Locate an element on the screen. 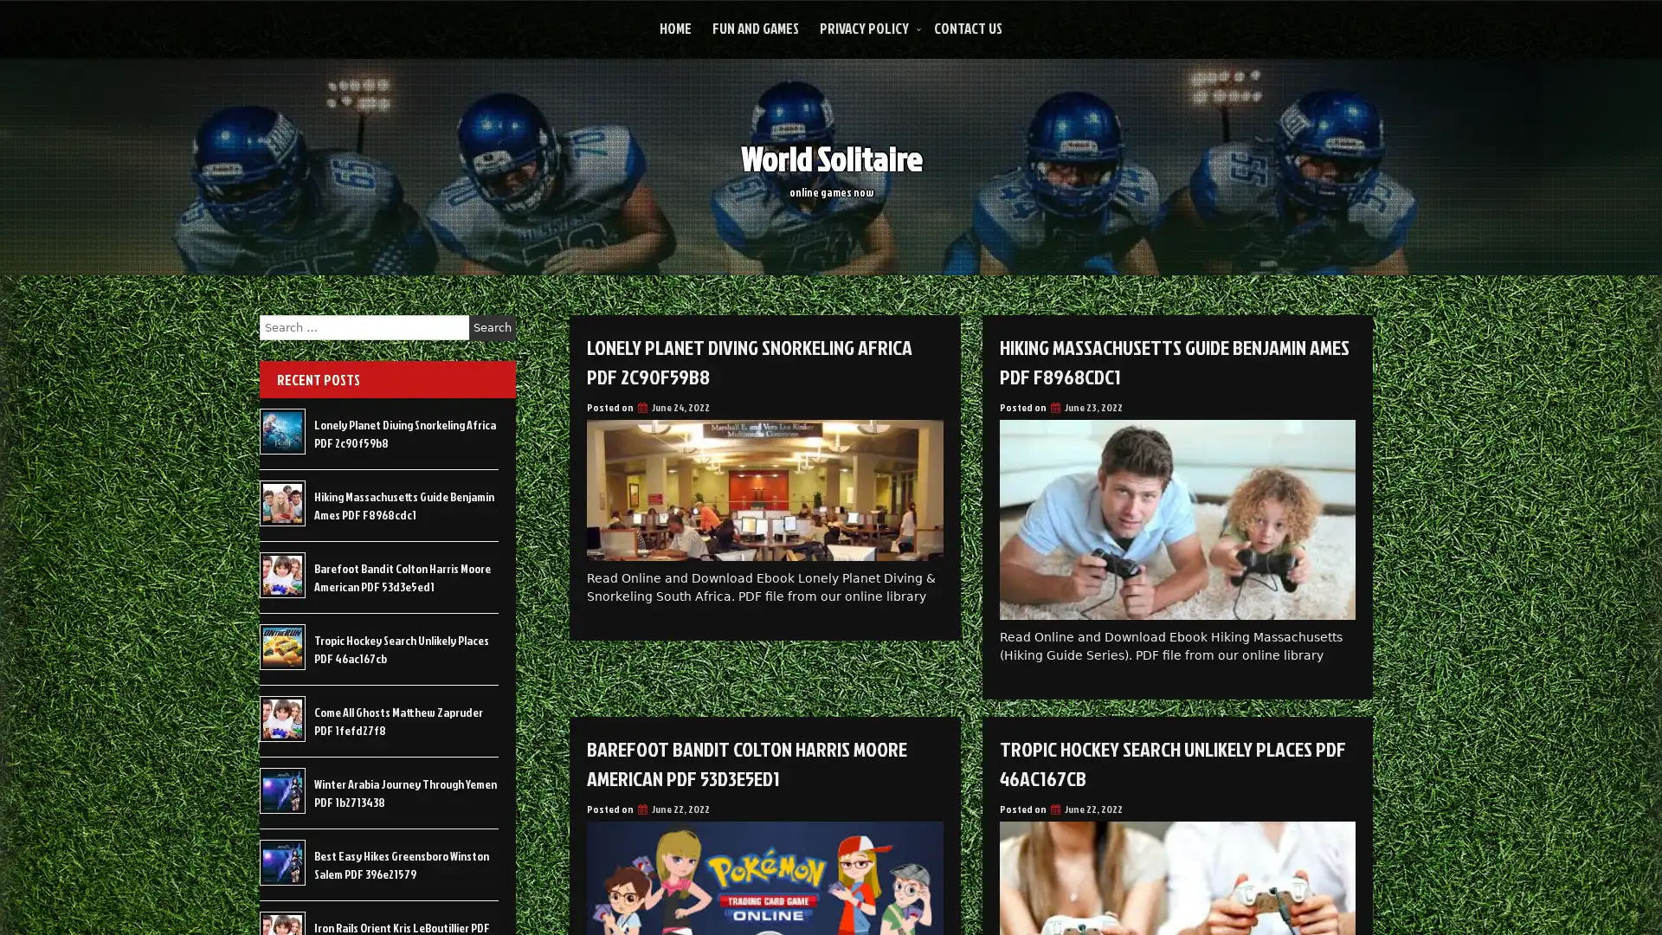  Search is located at coordinates (492, 327).